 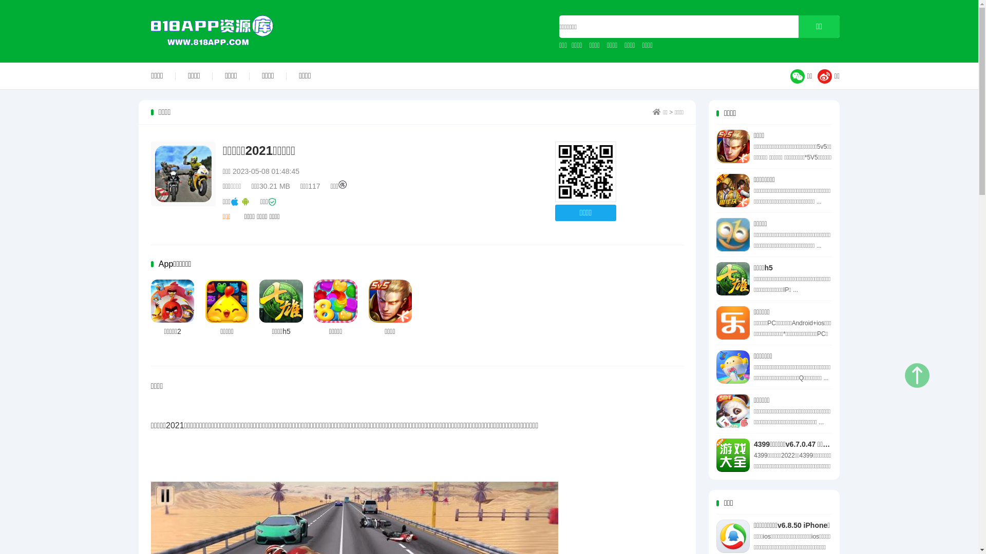 What do you see at coordinates (558, 171) in the screenshot?
I see `'http://www.818app.com'` at bounding box center [558, 171].